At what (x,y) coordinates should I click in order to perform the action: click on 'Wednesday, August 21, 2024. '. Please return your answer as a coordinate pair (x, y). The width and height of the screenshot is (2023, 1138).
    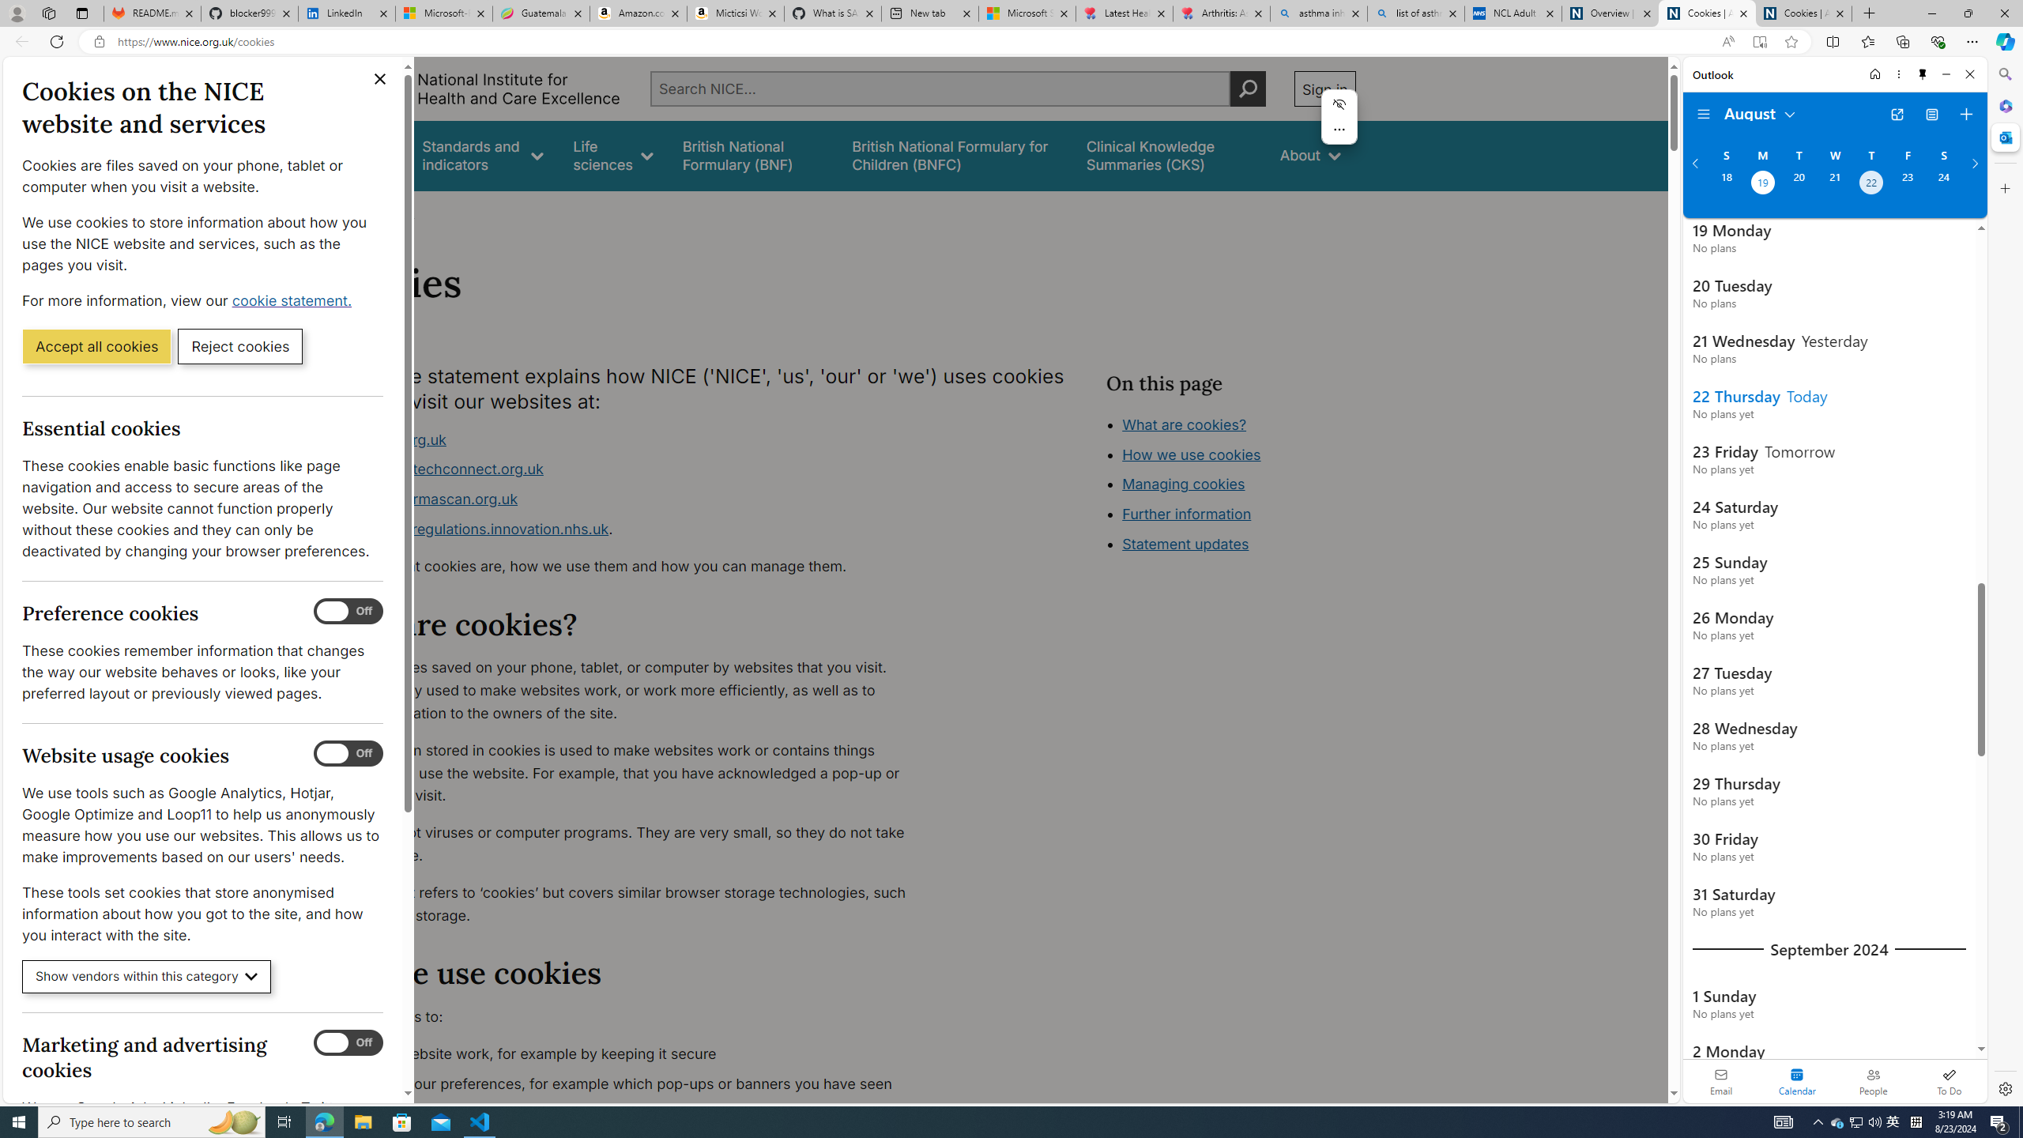
    Looking at the image, I should click on (1833, 184).